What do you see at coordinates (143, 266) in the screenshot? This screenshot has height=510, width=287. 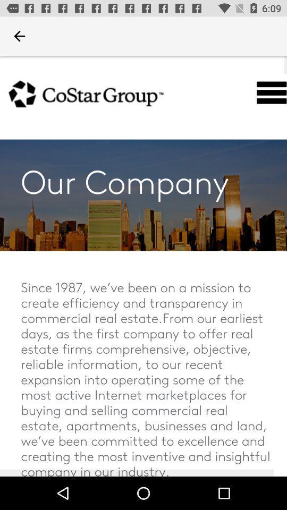 I see `take me to the site` at bounding box center [143, 266].